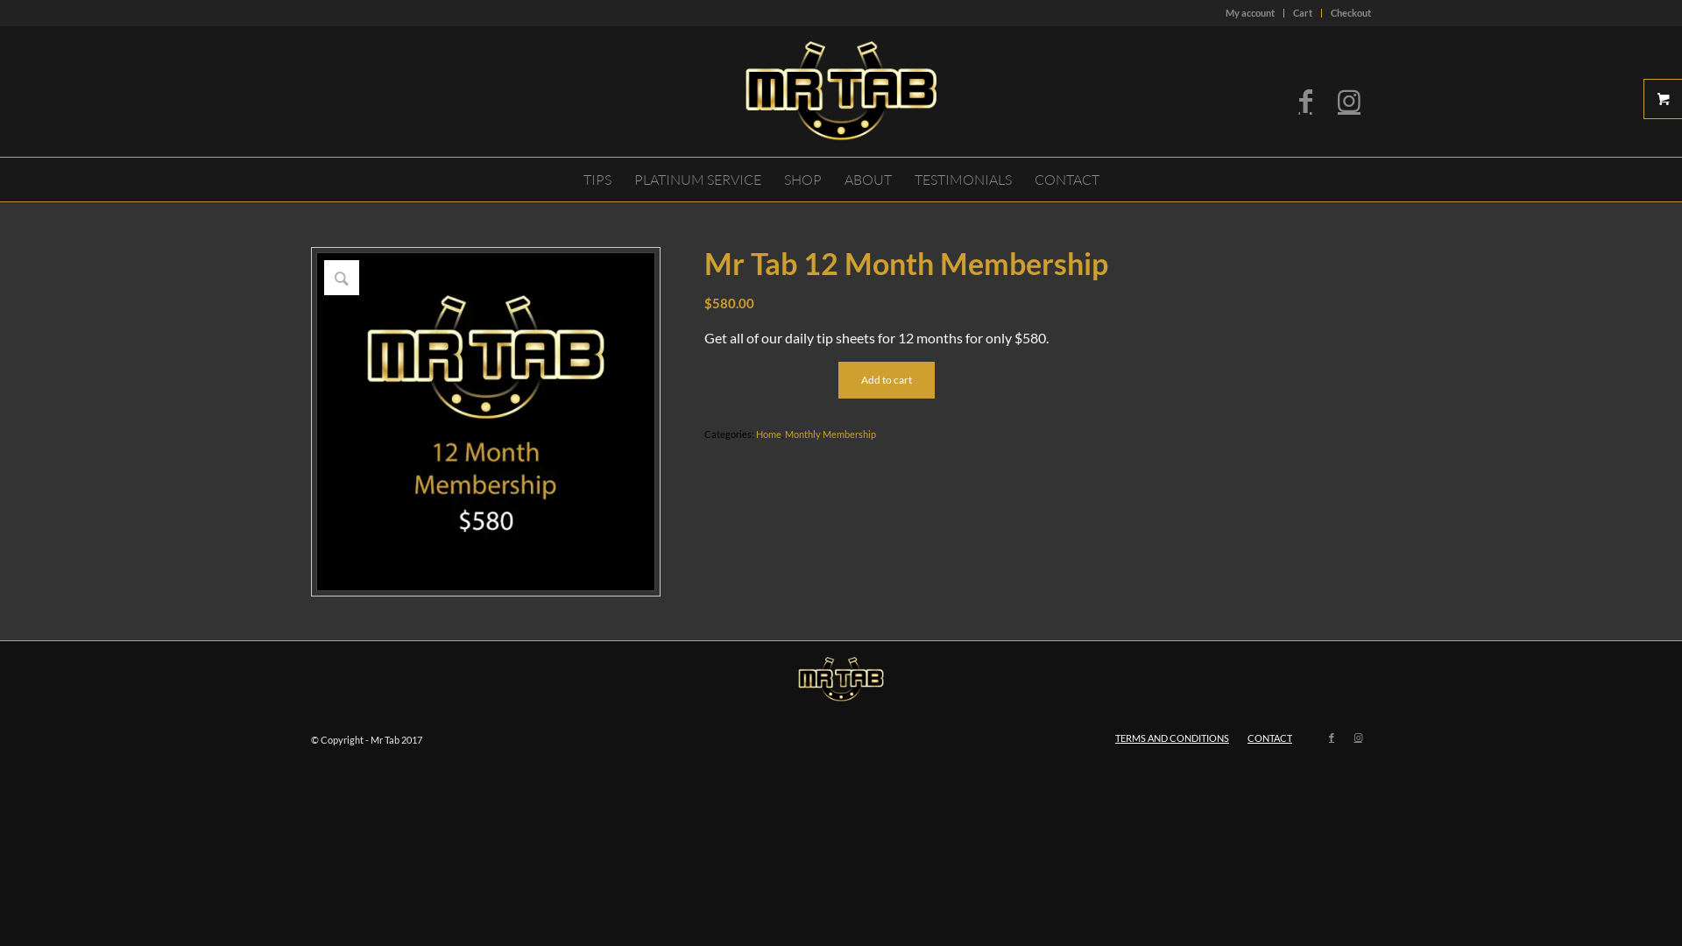  I want to click on 'Add to cart', so click(887, 379).